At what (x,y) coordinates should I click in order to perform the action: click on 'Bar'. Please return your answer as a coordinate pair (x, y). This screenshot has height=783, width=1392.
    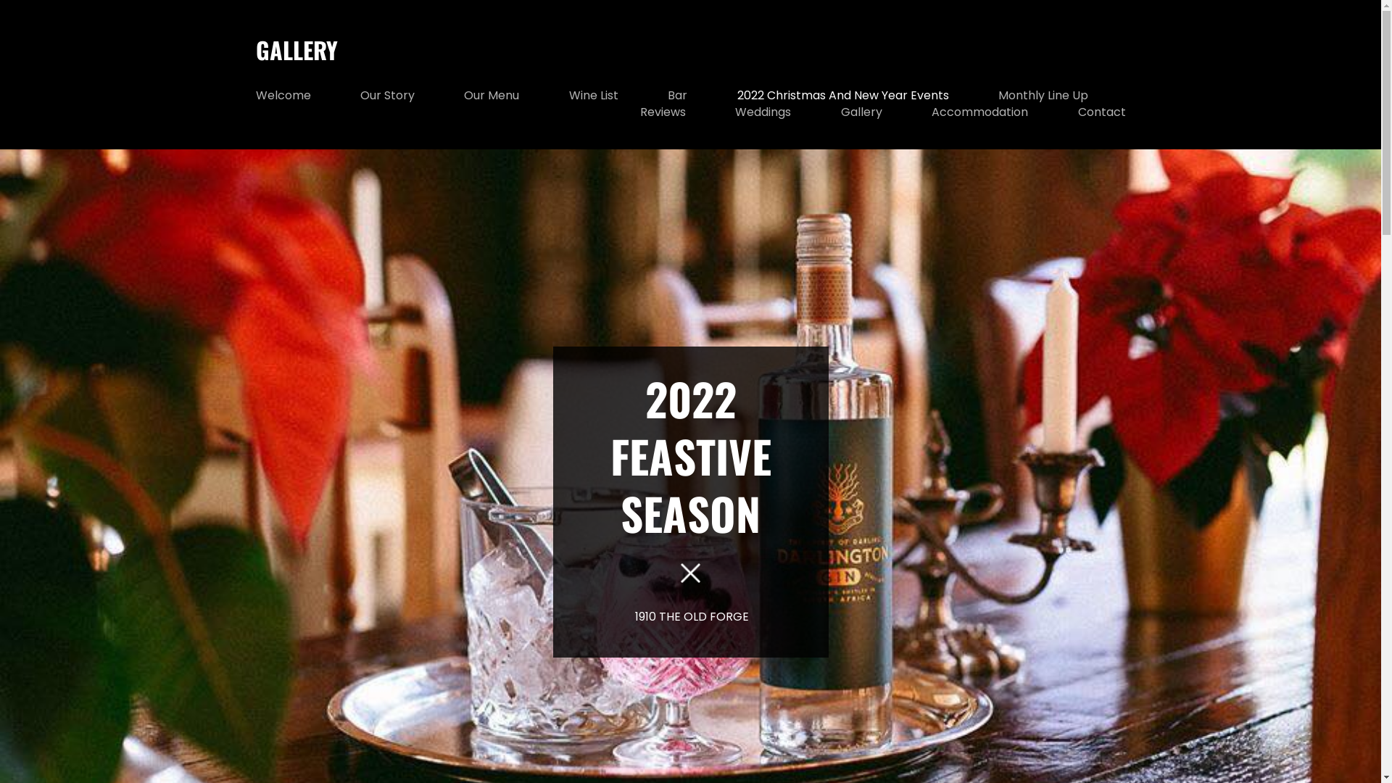
    Looking at the image, I should click on (667, 95).